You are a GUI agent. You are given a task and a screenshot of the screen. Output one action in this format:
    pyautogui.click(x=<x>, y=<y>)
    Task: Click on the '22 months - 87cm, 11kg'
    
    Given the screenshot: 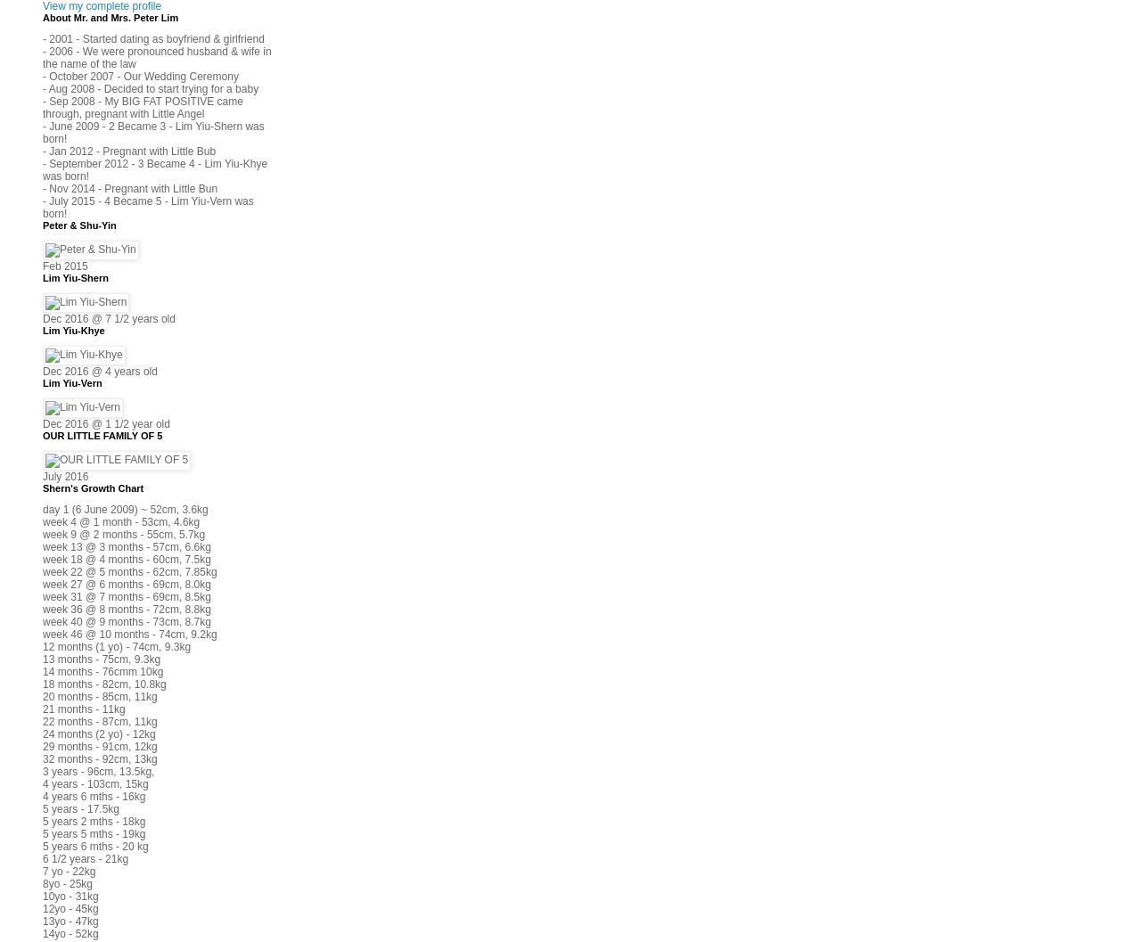 What is the action you would take?
    pyautogui.click(x=100, y=721)
    